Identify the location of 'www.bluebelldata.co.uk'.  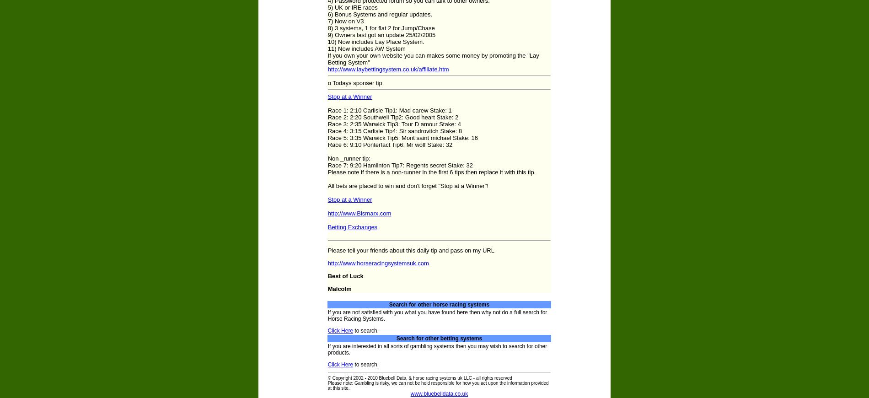
(439, 394).